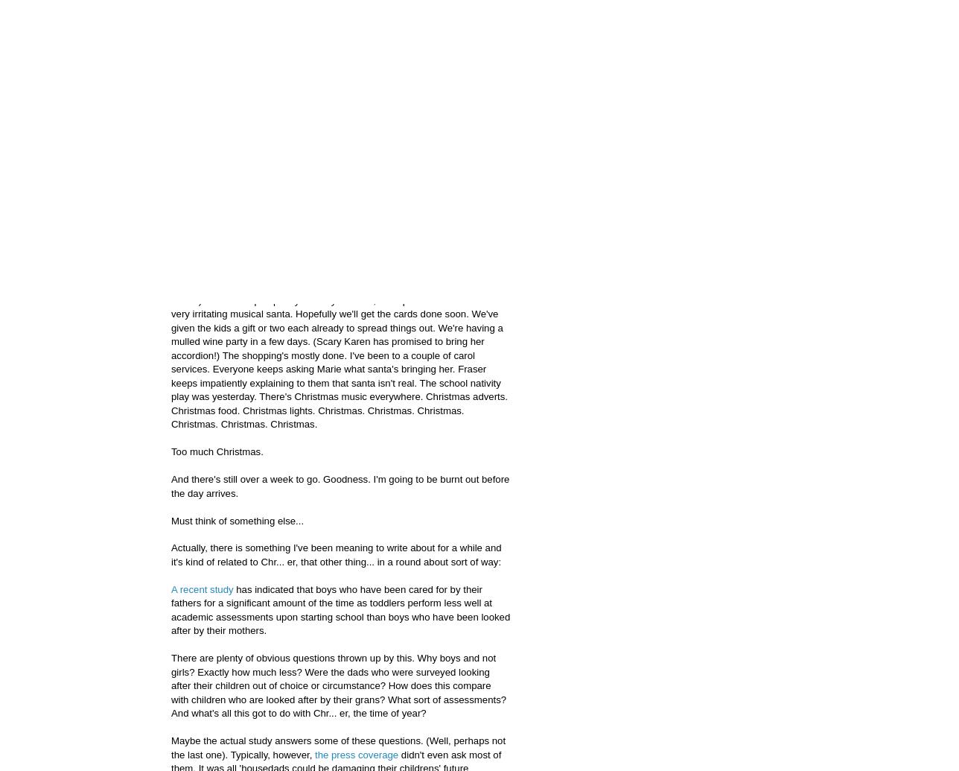 This screenshot has width=959, height=771. I want to click on 'has indicated that boys who have been cared for by their fathers for a significant amount of the time as toddlers perform less well at academic assessments upon starting school than boys who have been looked after by their mothers.', so click(340, 609).